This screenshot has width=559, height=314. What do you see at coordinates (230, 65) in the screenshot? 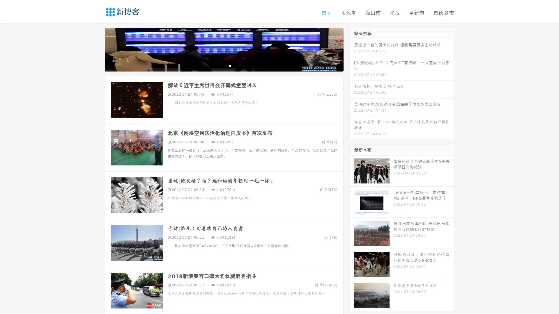
I see `Go to slide 3` at bounding box center [230, 65].